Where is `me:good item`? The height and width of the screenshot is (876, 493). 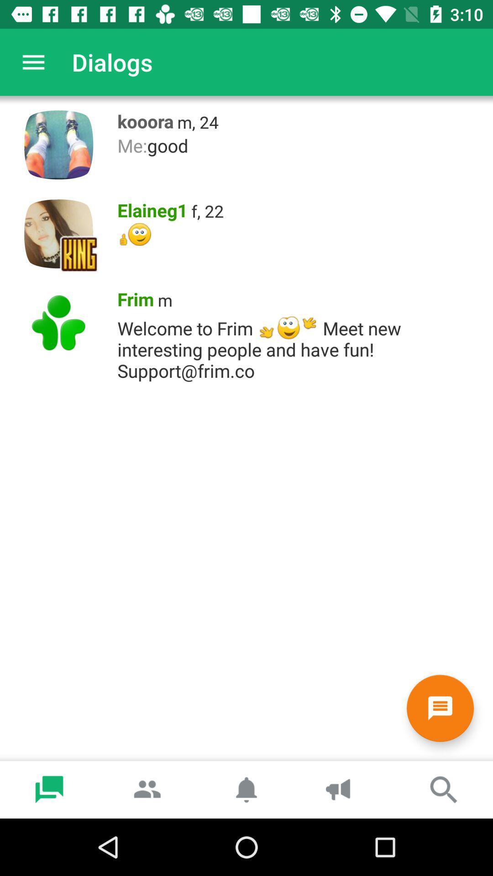 me:good item is located at coordinates (300, 145).